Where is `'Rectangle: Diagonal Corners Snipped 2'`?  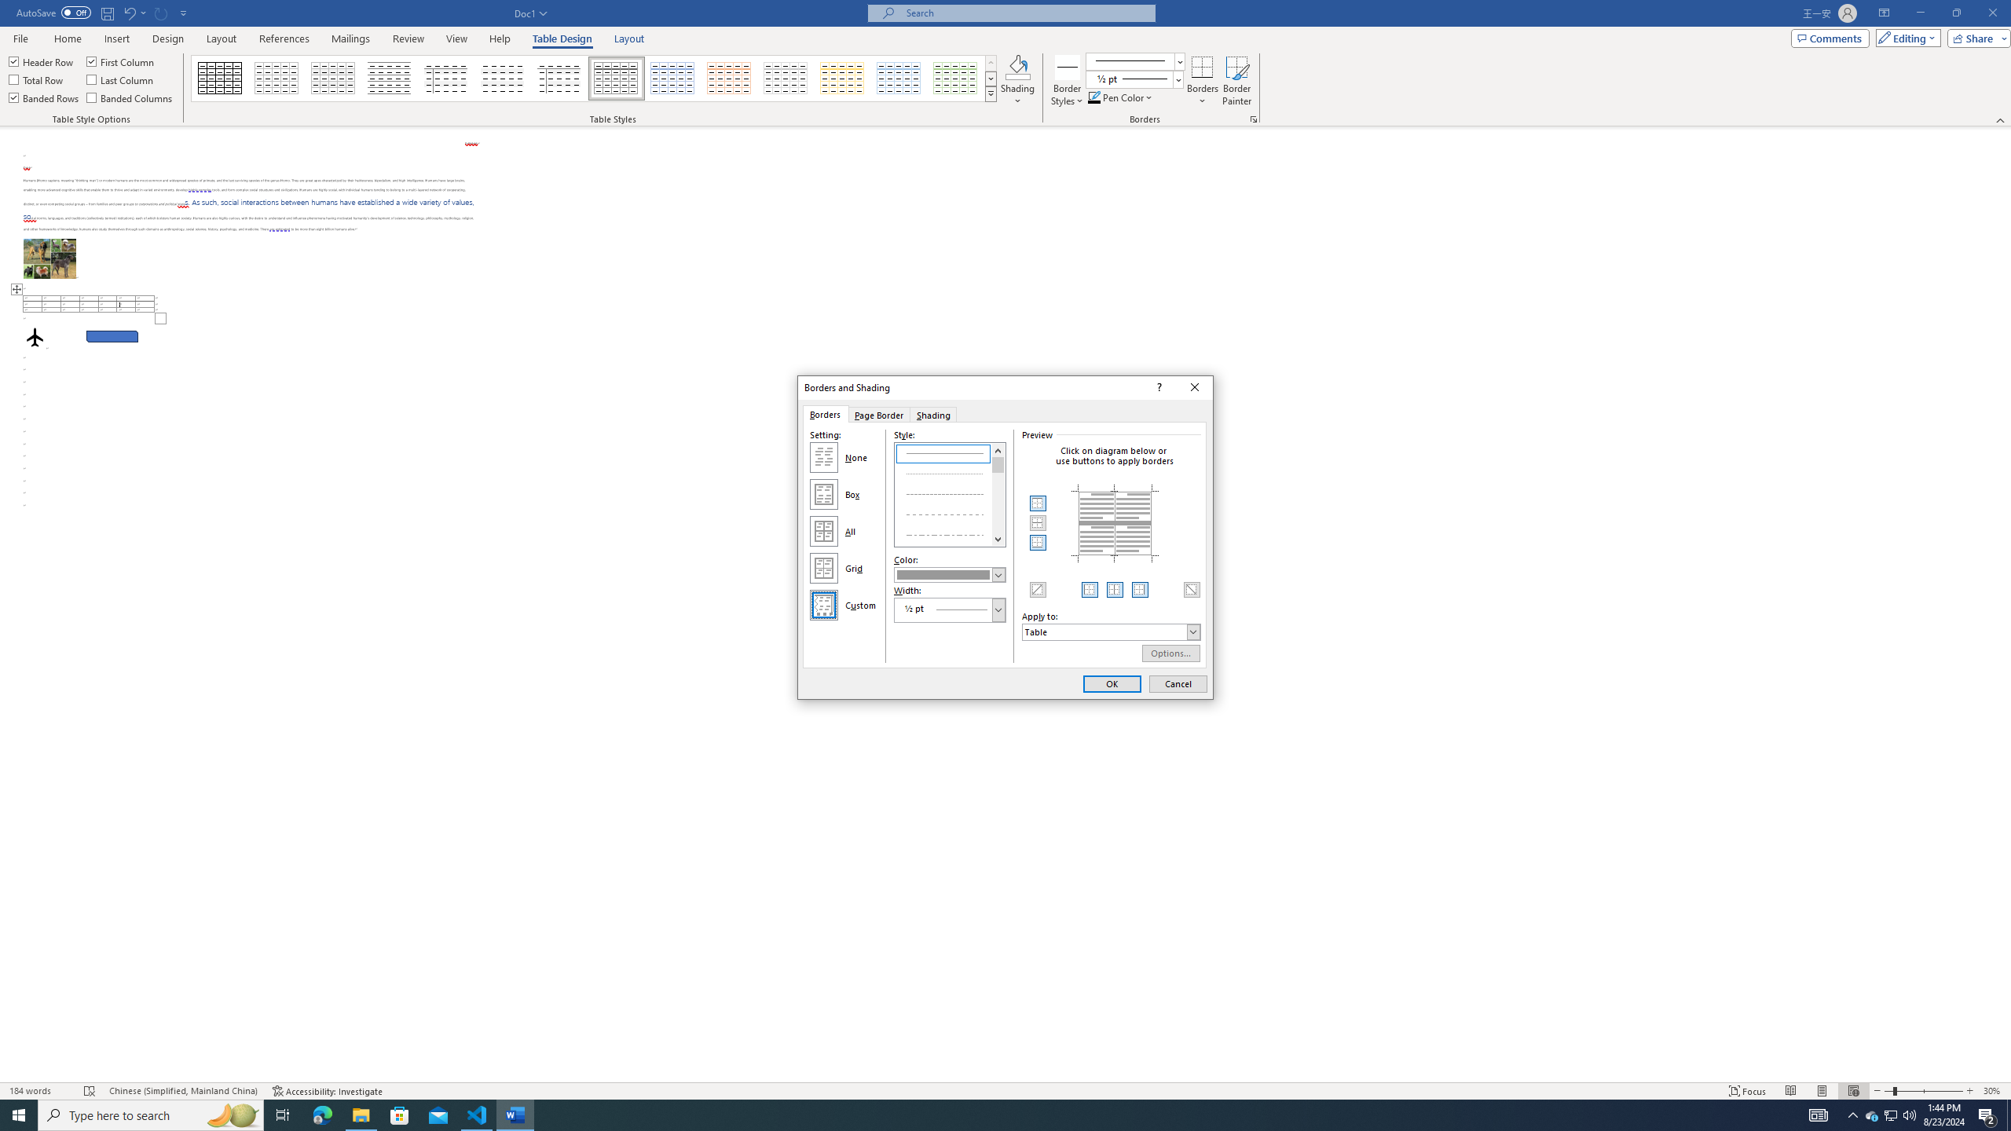
'Rectangle: Diagonal Corners Snipped 2' is located at coordinates (112, 336).